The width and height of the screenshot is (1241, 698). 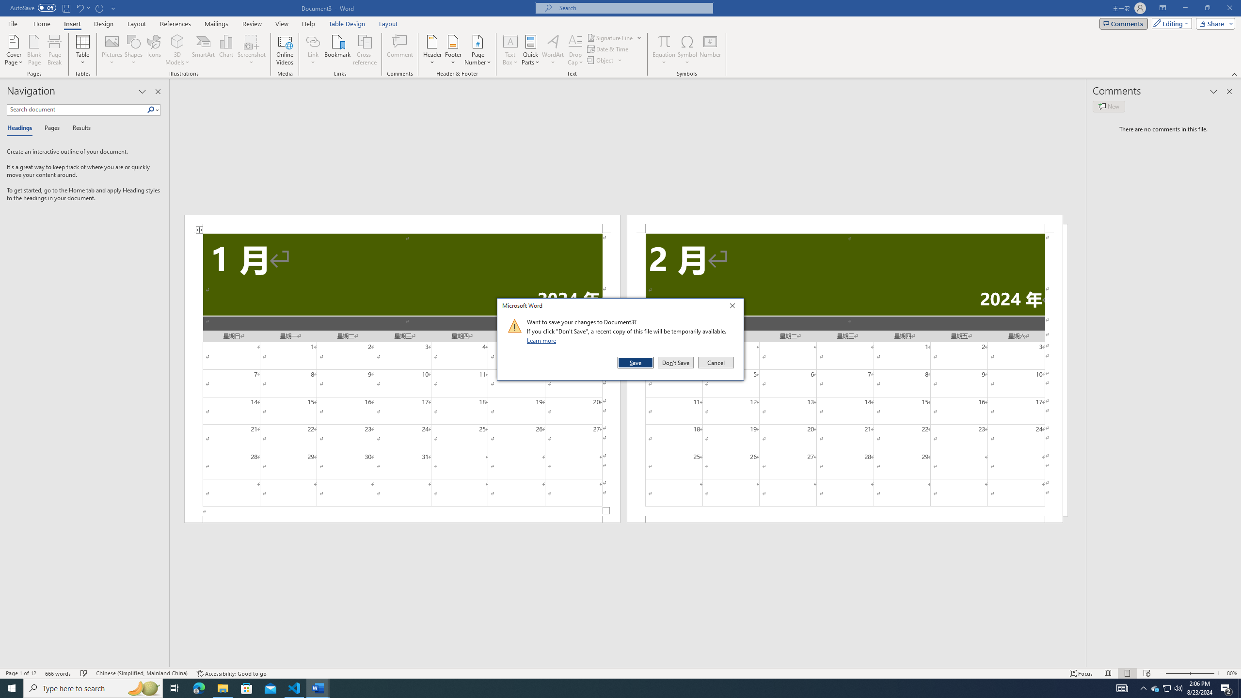 I want to click on 'Quick Parts', so click(x=530, y=50).